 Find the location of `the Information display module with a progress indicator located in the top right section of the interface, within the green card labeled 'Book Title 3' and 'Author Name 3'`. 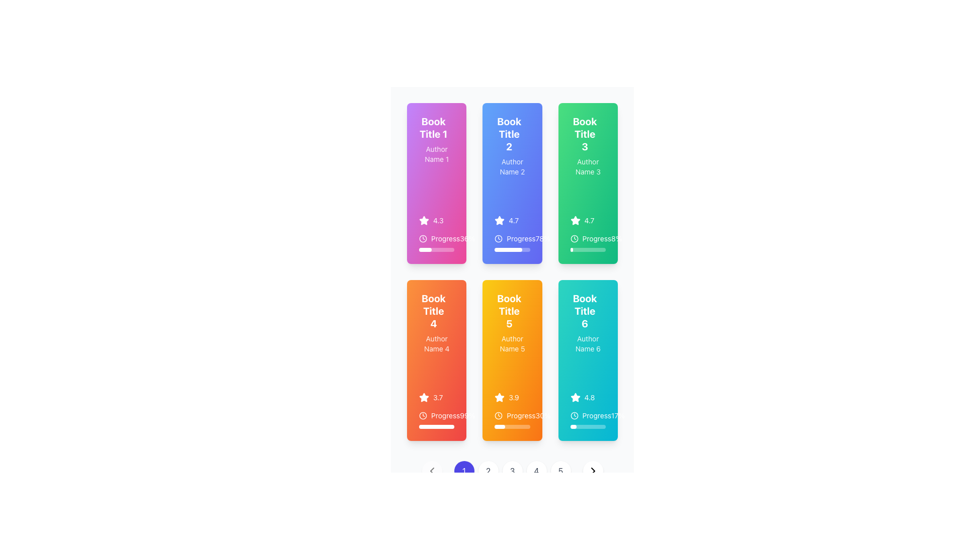

the Information display module with a progress indicator located in the top right section of the interface, within the green card labeled 'Book Title 3' and 'Author Name 3' is located at coordinates (588, 242).